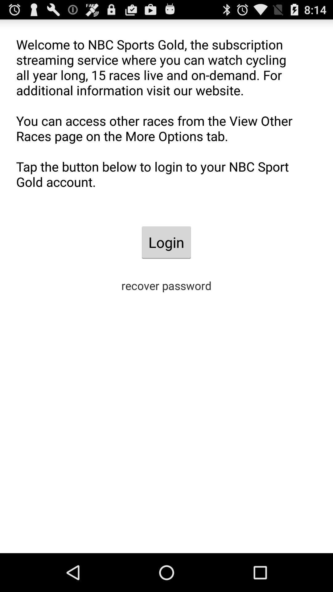  I want to click on button below login icon, so click(166, 285).